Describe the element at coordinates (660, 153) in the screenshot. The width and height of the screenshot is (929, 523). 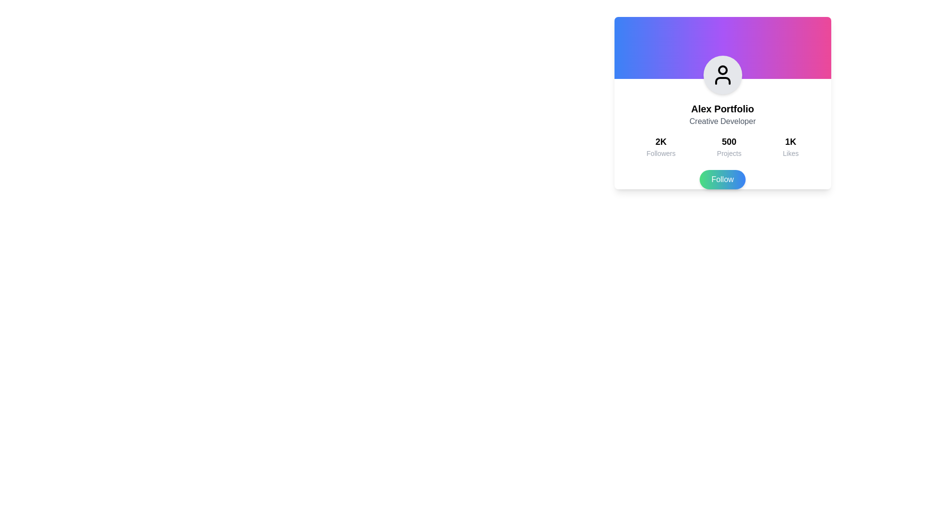
I see `'Followers' label which displays the text in a smaller and grayer font, positioned below the '2K' text in a profile card` at that location.